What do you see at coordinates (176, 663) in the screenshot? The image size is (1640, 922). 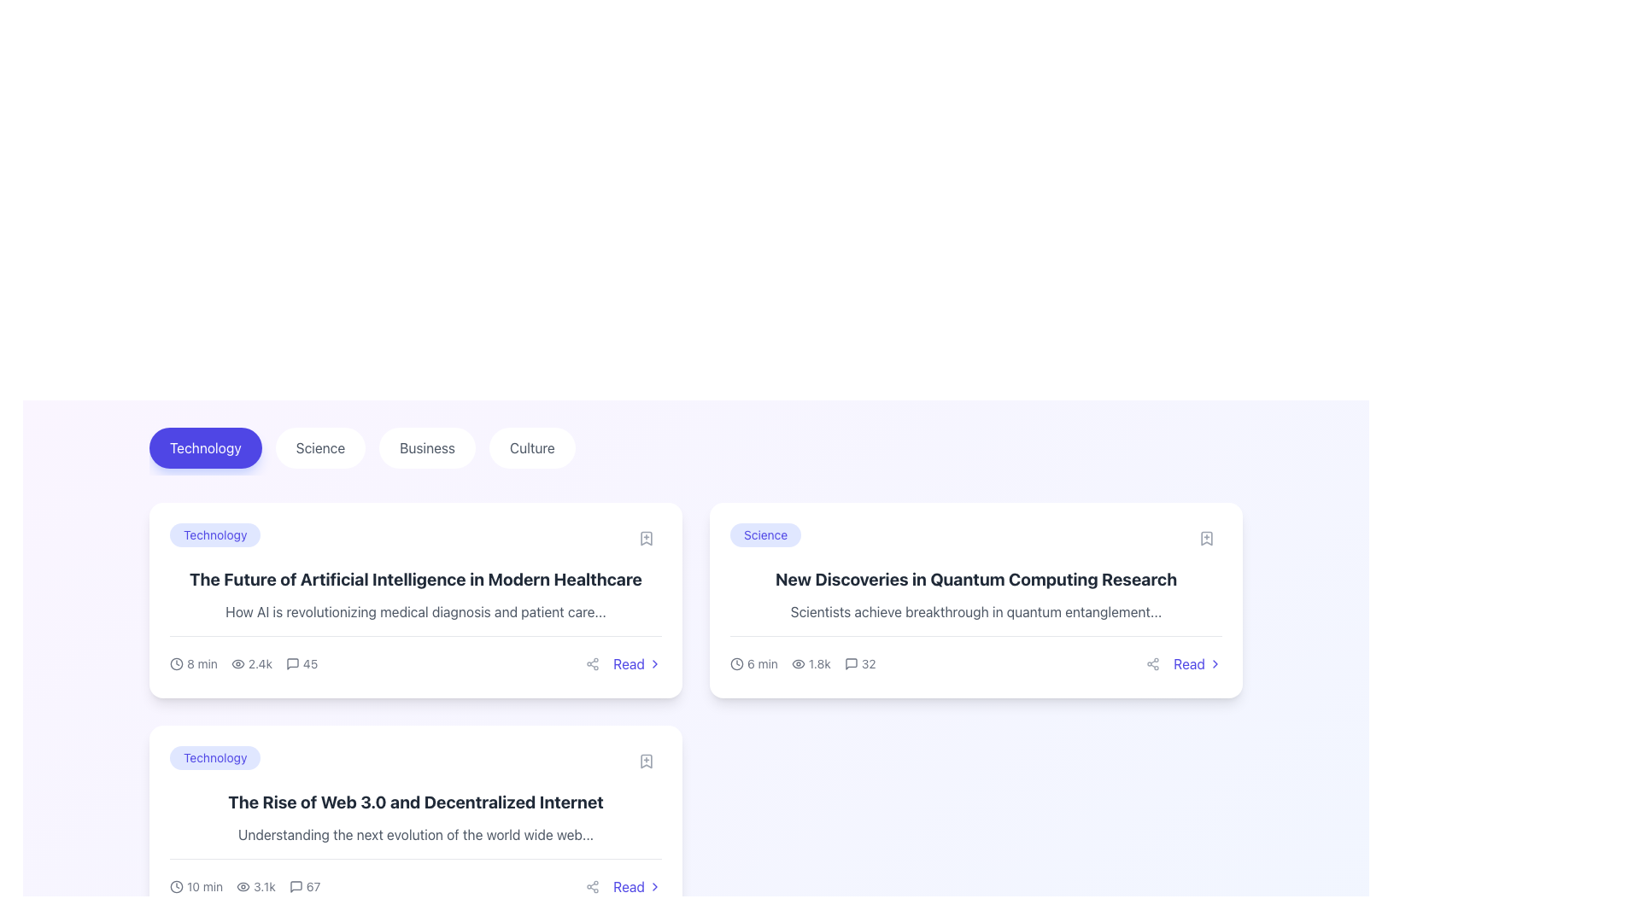 I see `the icon representing the duration of the article, located to the left of '8 min' in the top-left of the first card in the article previews` at bounding box center [176, 663].